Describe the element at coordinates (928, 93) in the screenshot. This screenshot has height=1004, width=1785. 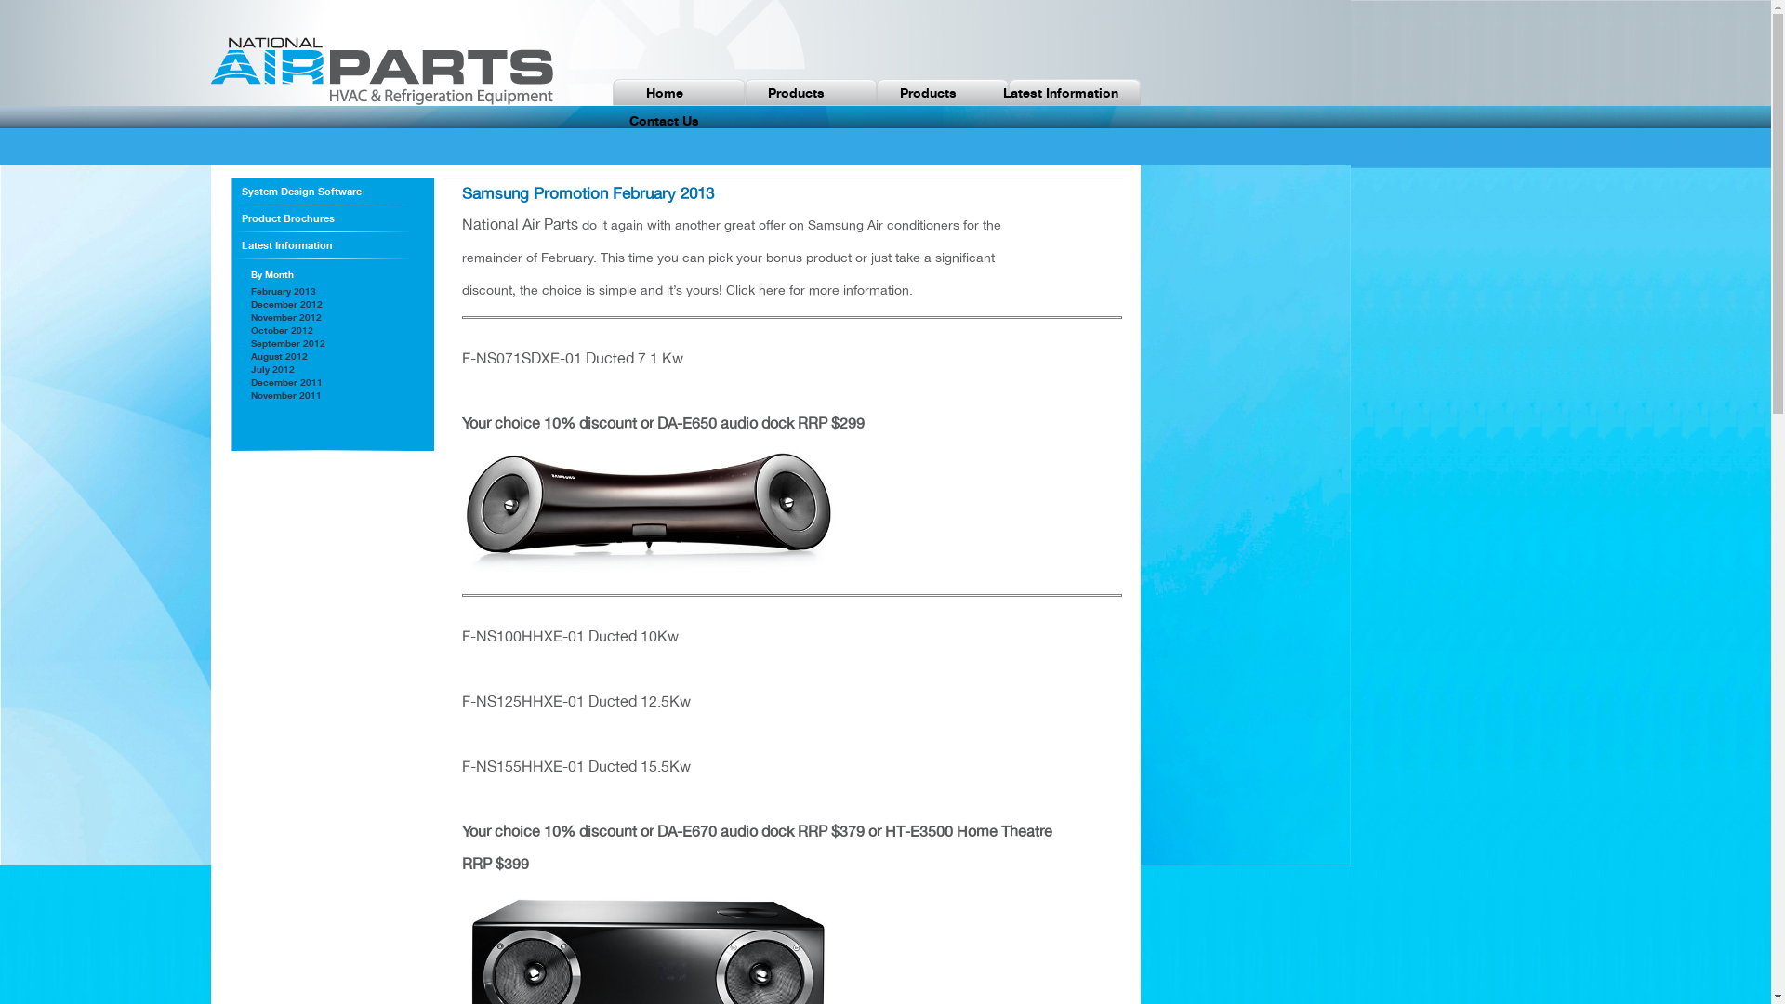
I see `'Products'` at that location.